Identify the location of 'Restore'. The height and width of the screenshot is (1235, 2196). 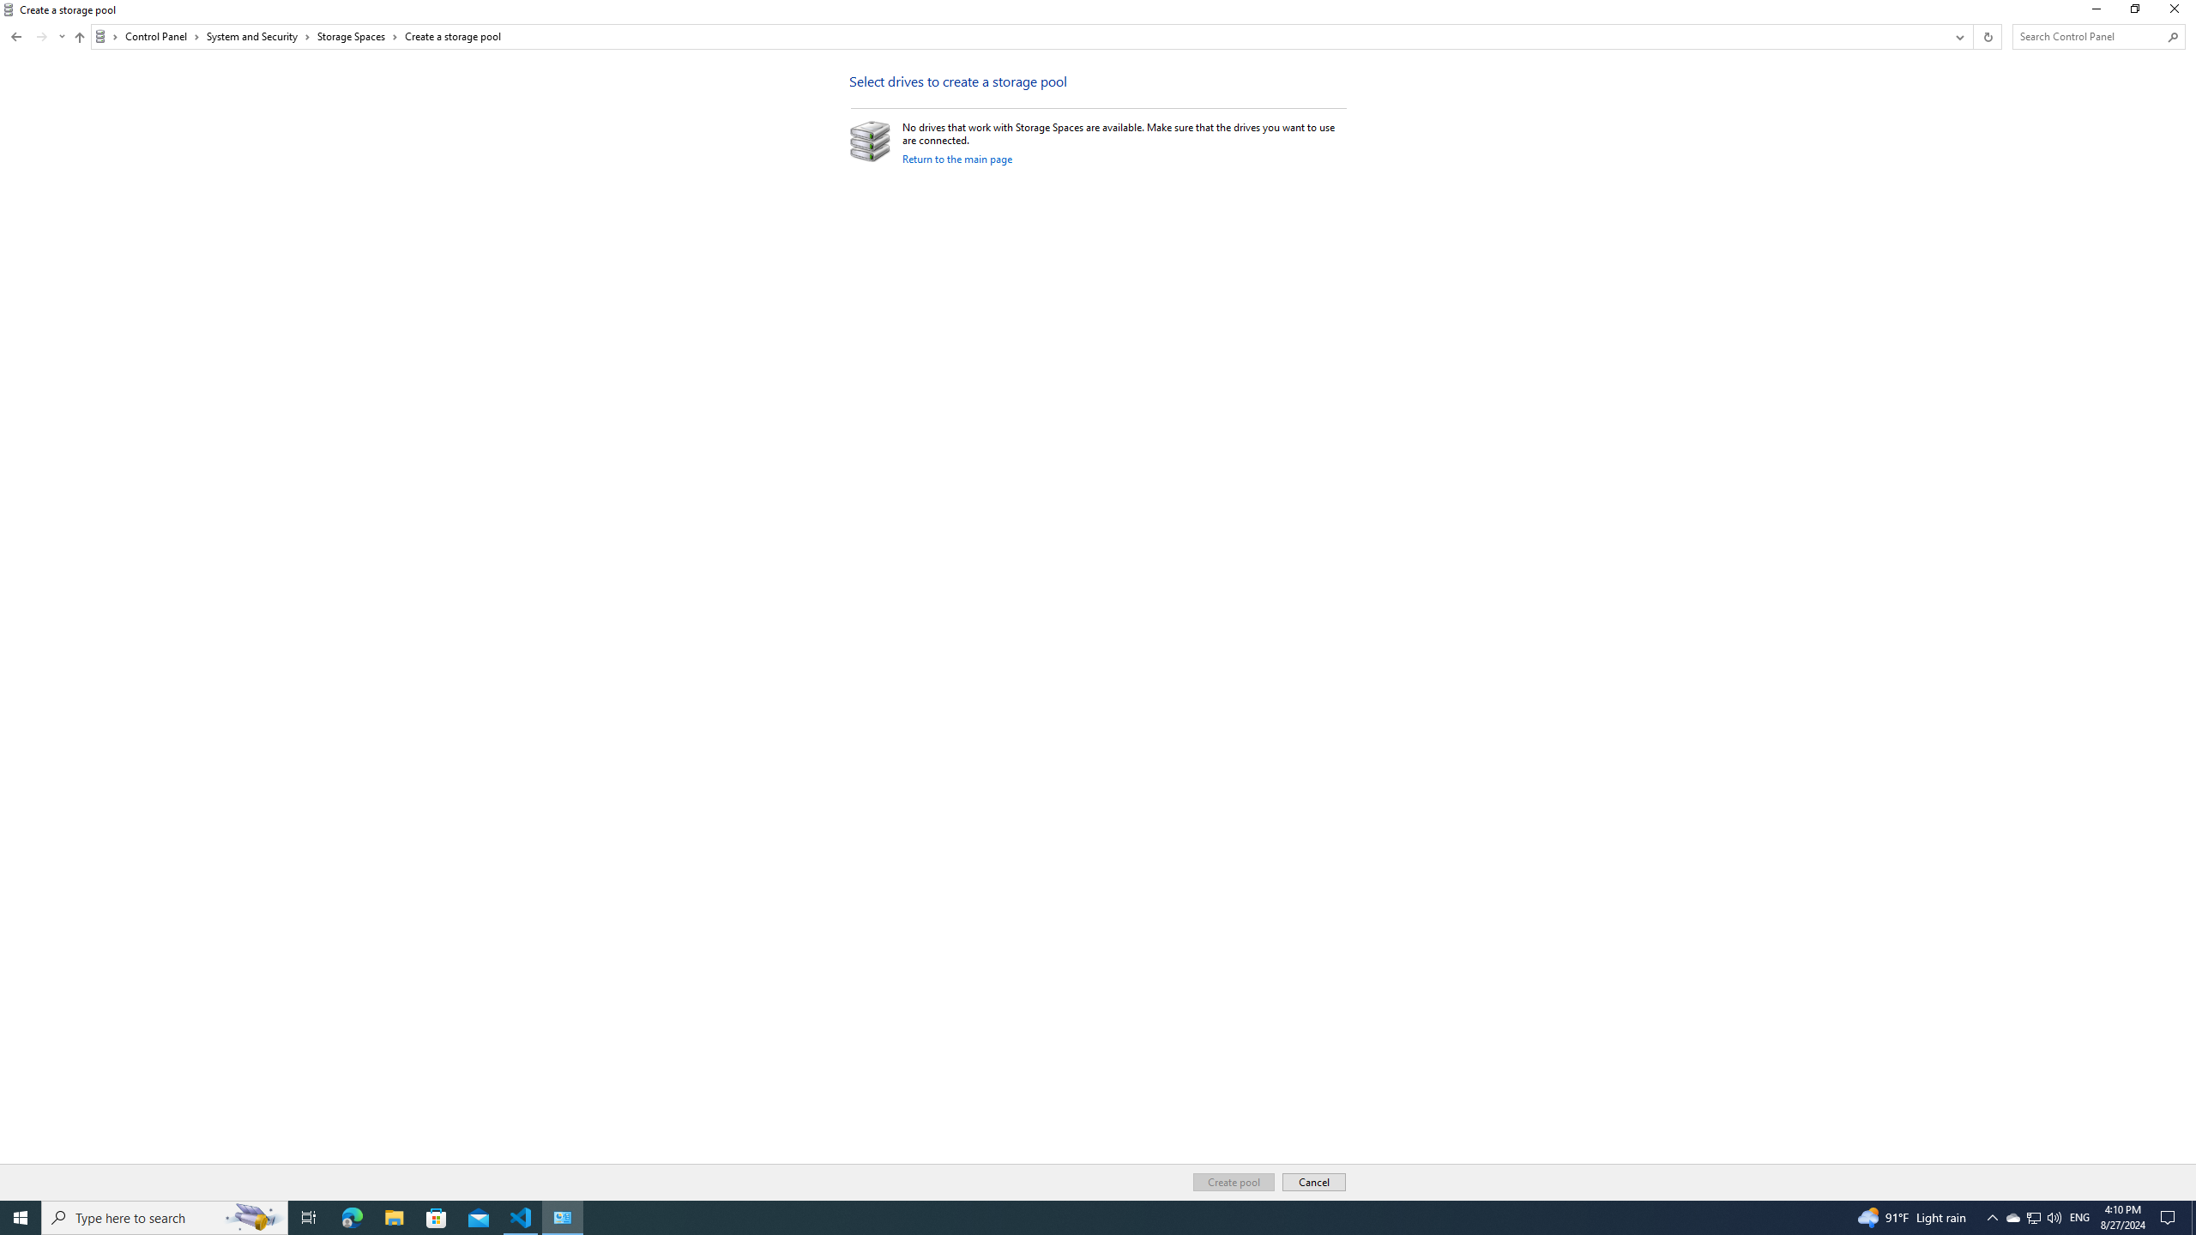
(2133, 13).